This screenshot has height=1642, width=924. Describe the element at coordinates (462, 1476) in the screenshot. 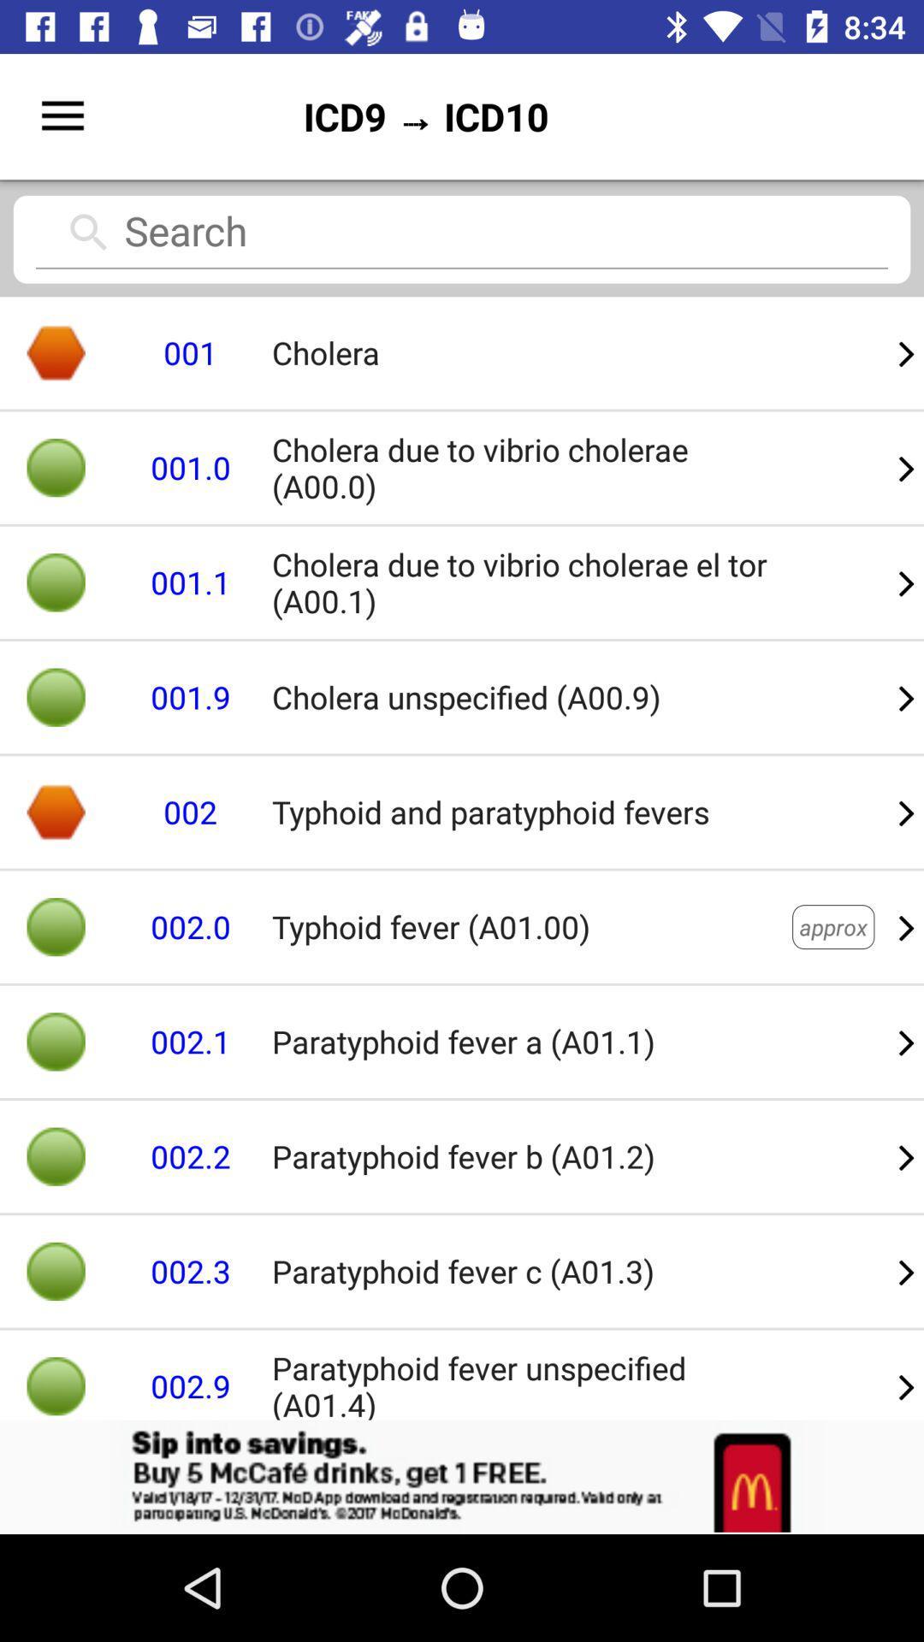

I see `sip into savings buy 5 mcafe drinks get 1 free` at that location.